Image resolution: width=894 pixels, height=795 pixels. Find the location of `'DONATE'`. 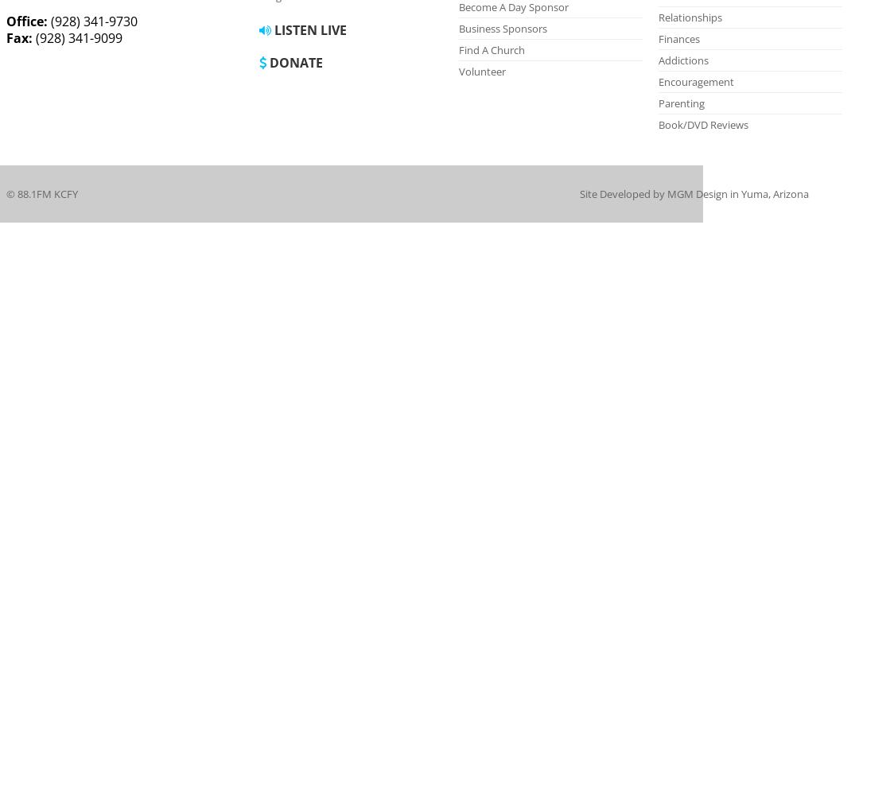

'DONATE' is located at coordinates (293, 62).